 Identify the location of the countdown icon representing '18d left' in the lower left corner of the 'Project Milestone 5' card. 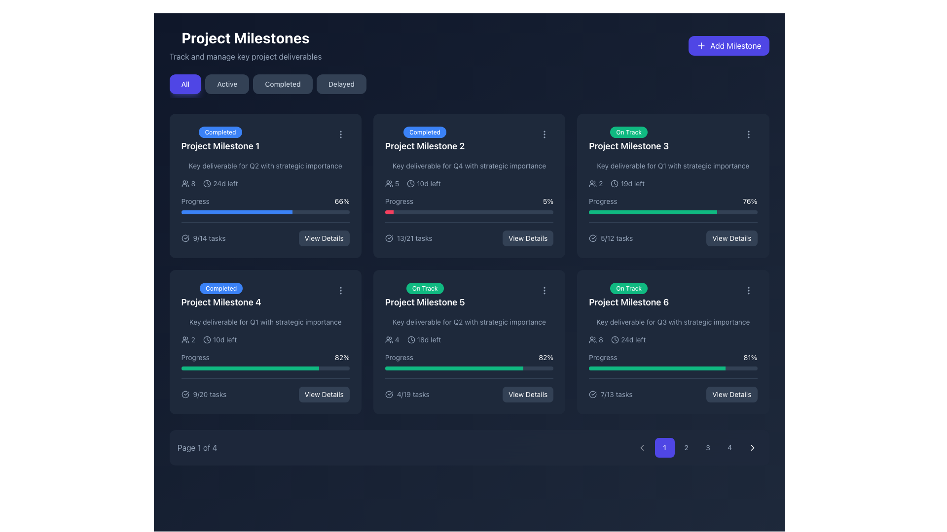
(411, 339).